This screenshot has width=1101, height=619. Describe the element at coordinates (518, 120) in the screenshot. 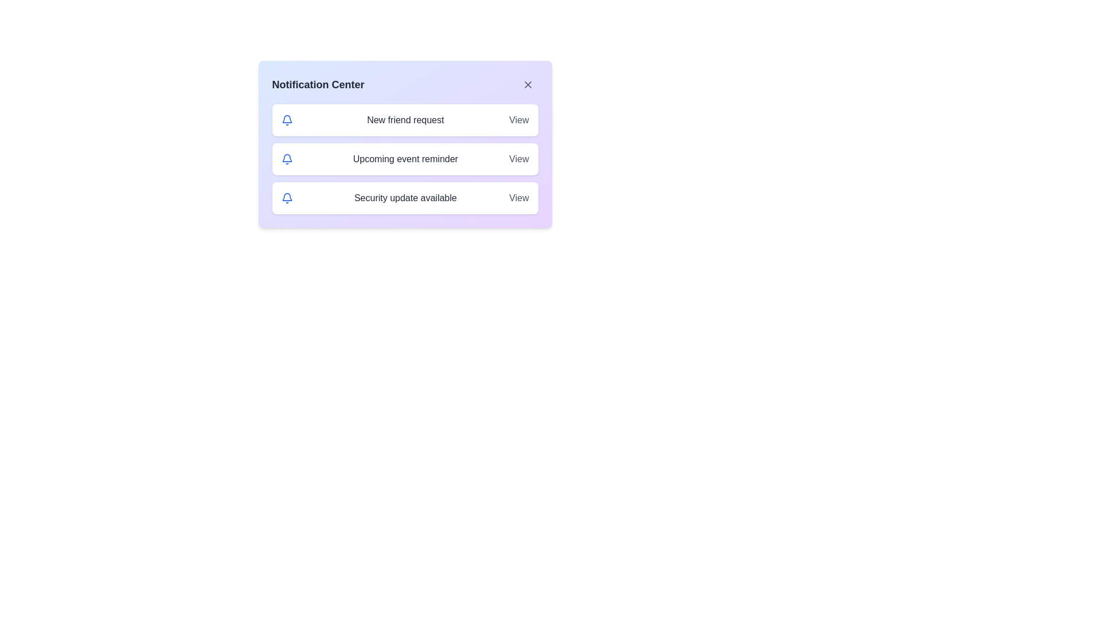

I see `'View' button corresponding to the notification New friend request` at that location.